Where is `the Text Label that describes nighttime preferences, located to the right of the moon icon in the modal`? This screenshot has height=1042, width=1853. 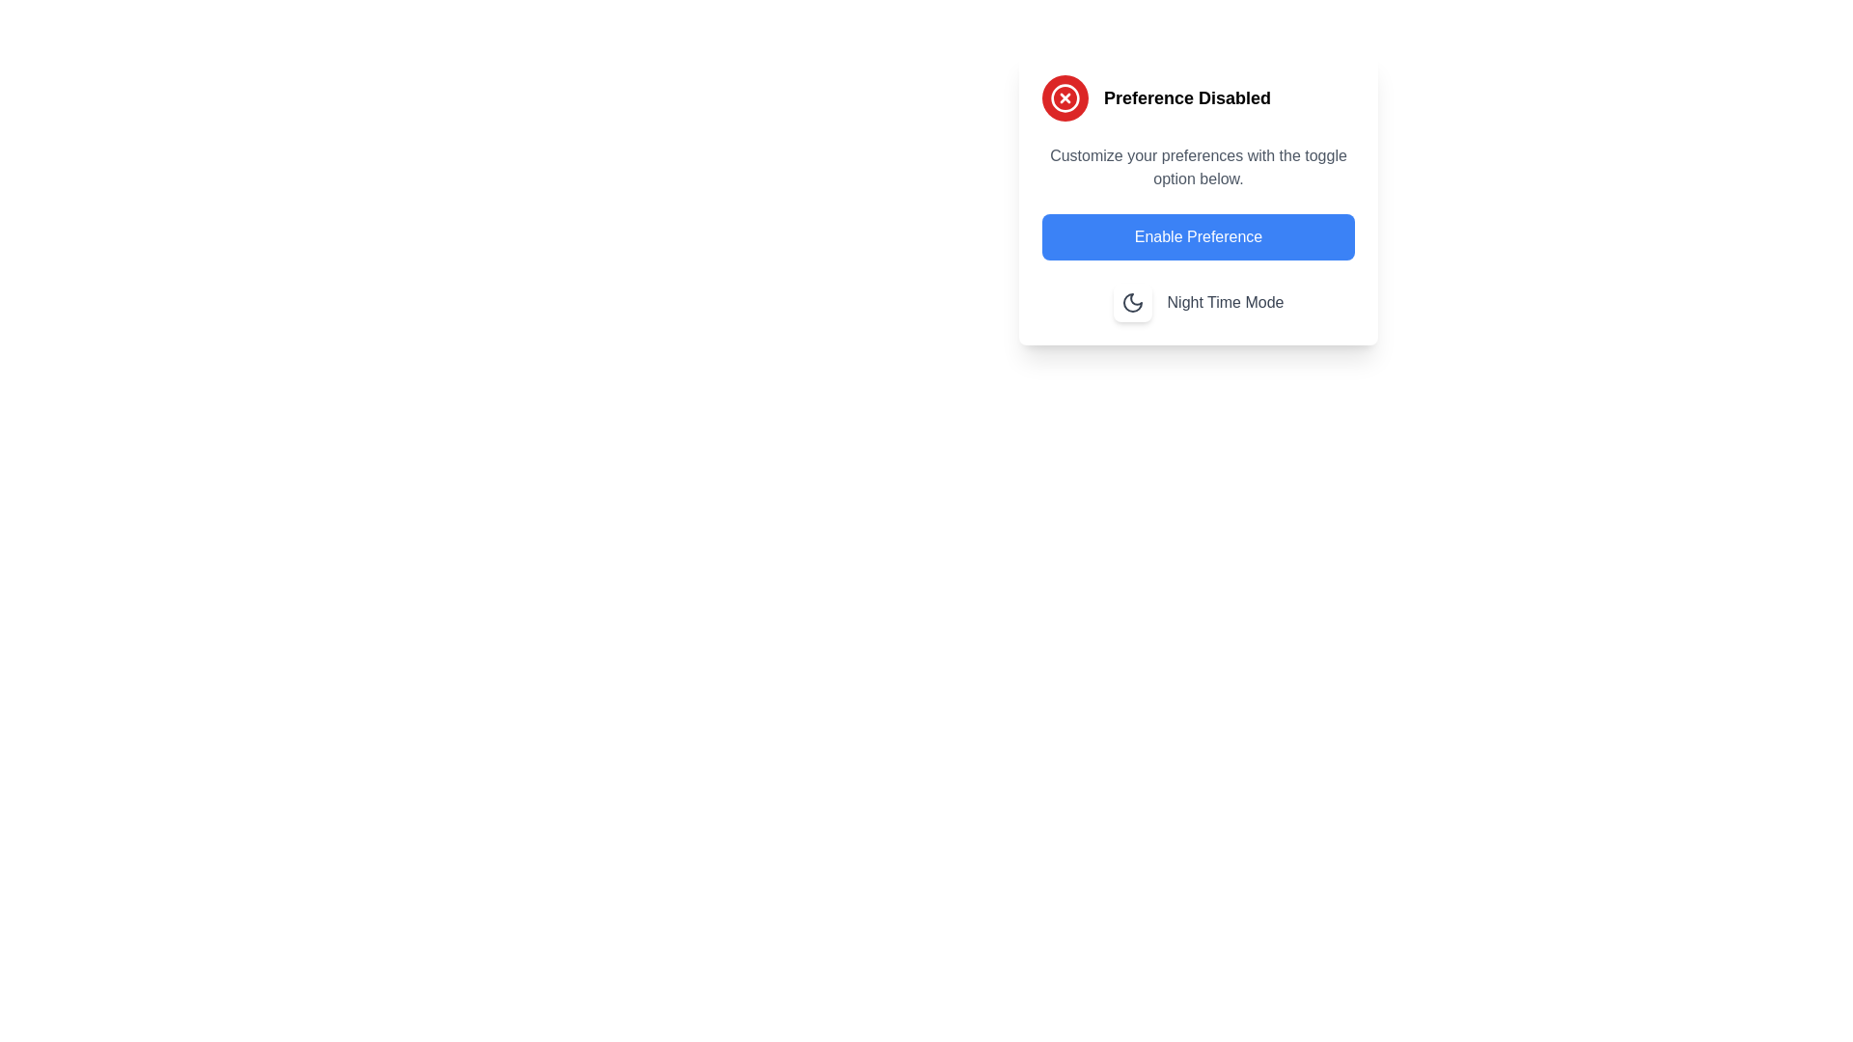 the Text Label that describes nighttime preferences, located to the right of the moon icon in the modal is located at coordinates (1225, 302).